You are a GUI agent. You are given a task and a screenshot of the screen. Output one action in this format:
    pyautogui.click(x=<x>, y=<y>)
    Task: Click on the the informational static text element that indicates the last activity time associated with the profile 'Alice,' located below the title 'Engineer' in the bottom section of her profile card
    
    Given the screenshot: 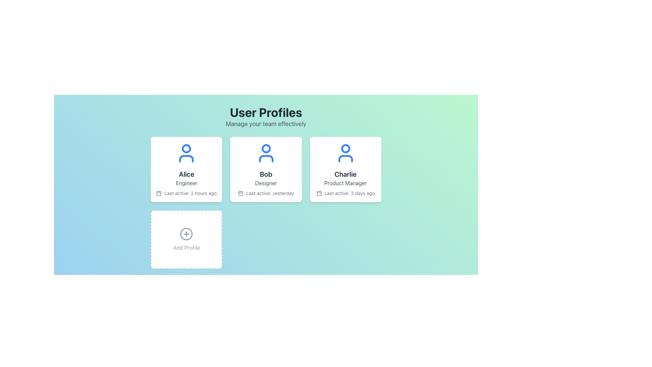 What is the action you would take?
    pyautogui.click(x=186, y=193)
    